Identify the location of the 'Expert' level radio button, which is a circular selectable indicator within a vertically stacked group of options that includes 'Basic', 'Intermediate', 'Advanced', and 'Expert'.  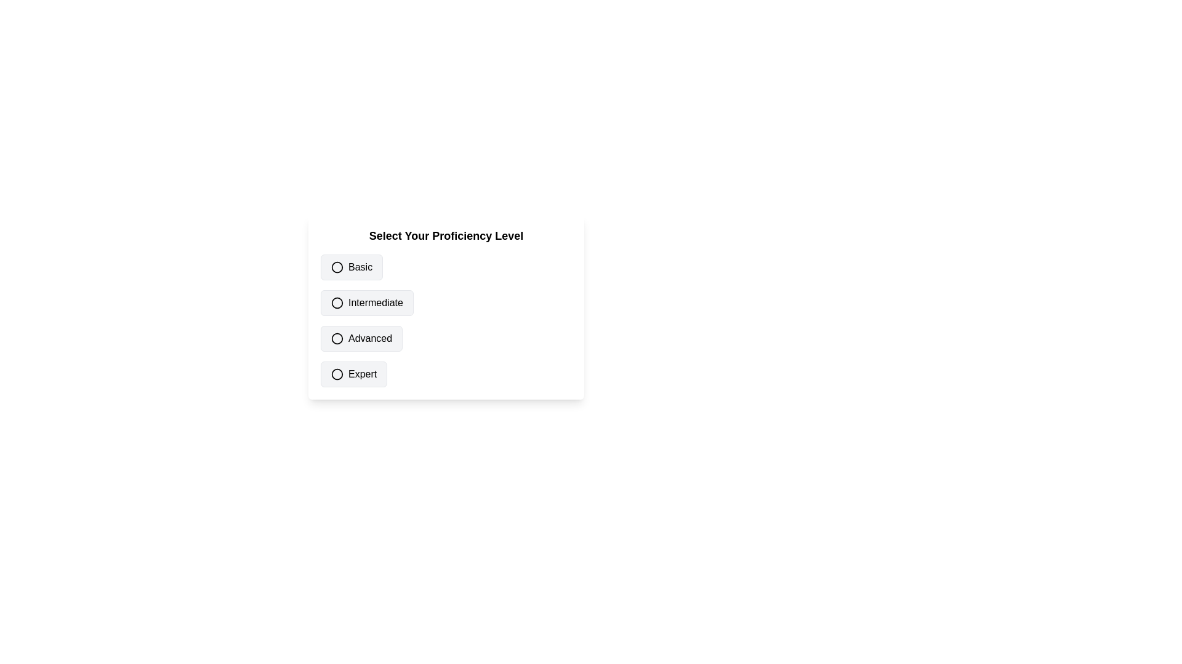
(337, 374).